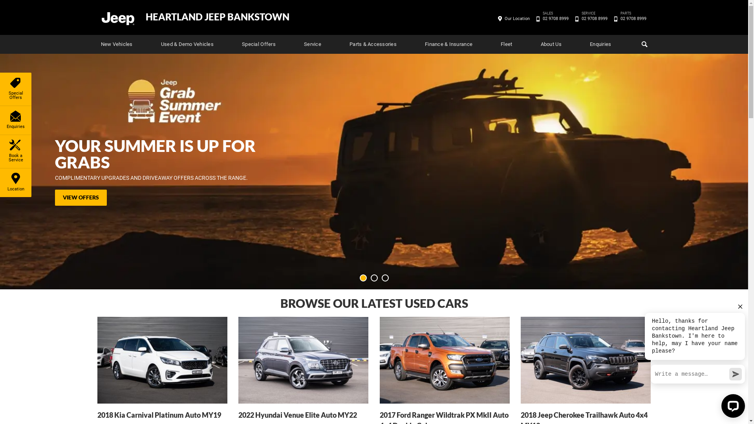  I want to click on 'New Vehicles', so click(116, 44).